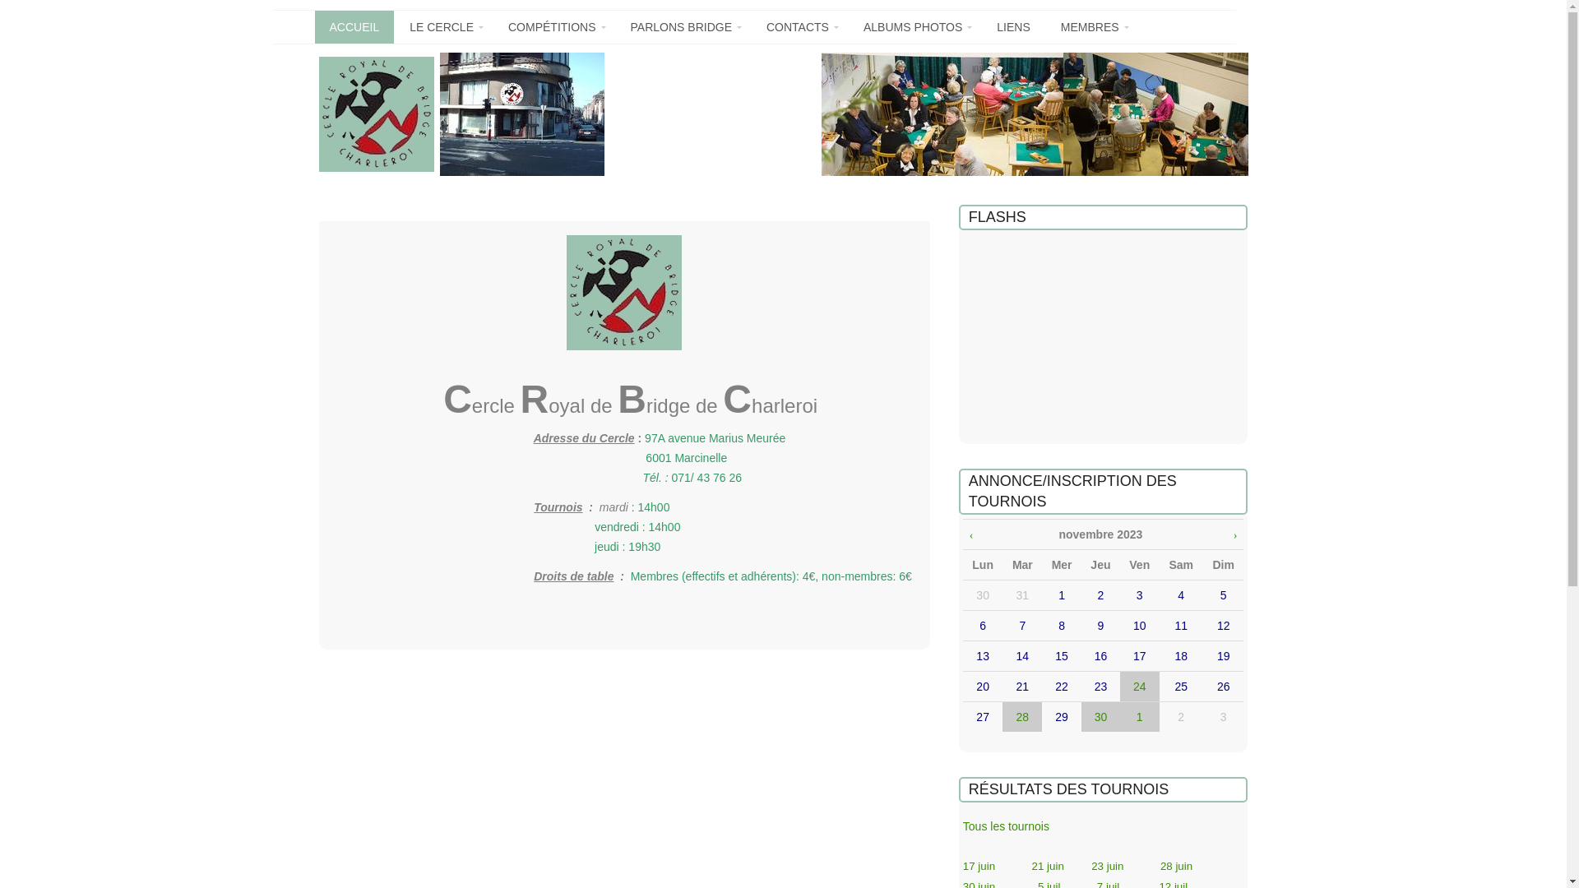 The height and width of the screenshot is (888, 1579). What do you see at coordinates (979, 865) in the screenshot?
I see `'17 juin'` at bounding box center [979, 865].